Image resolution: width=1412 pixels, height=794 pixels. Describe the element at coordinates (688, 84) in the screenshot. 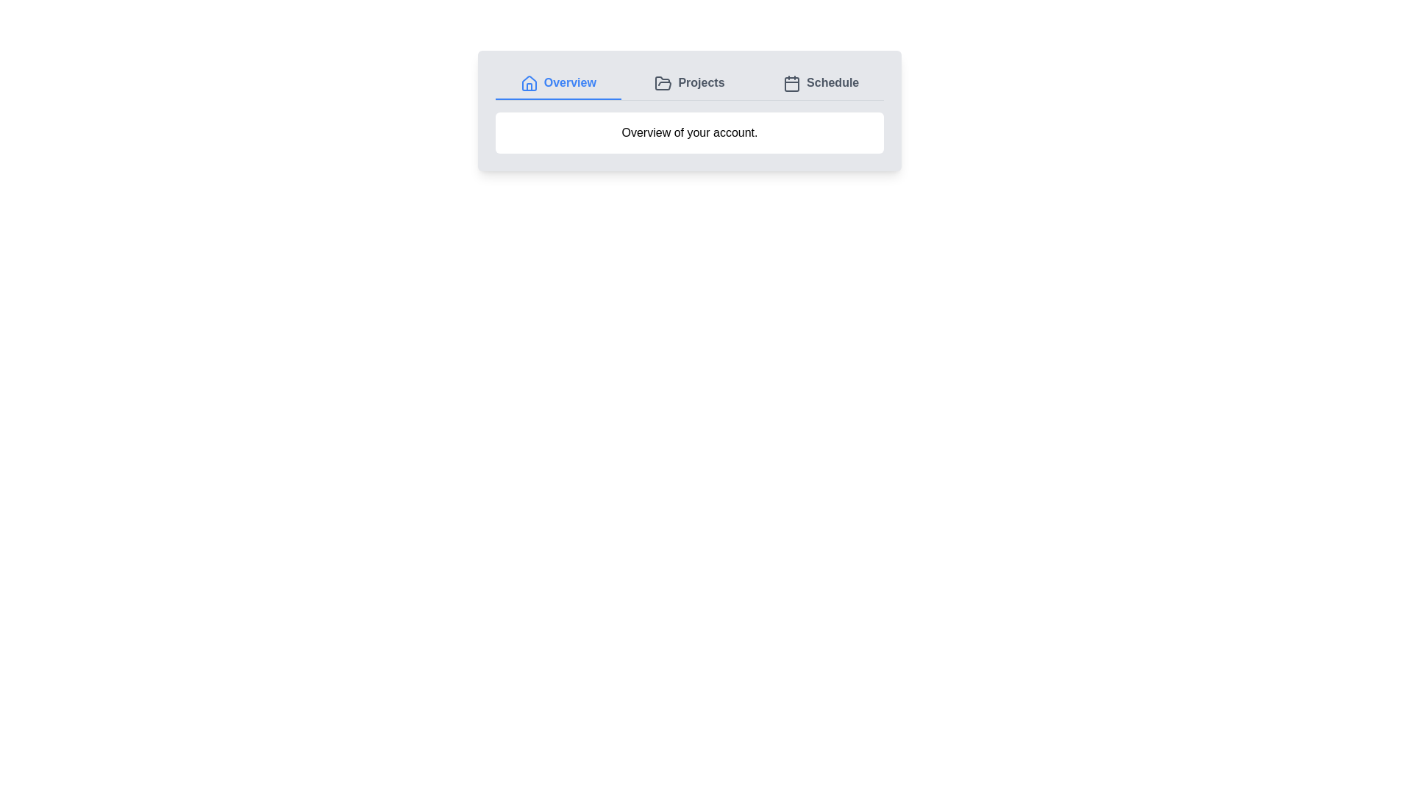

I see `the Projects tab` at that location.